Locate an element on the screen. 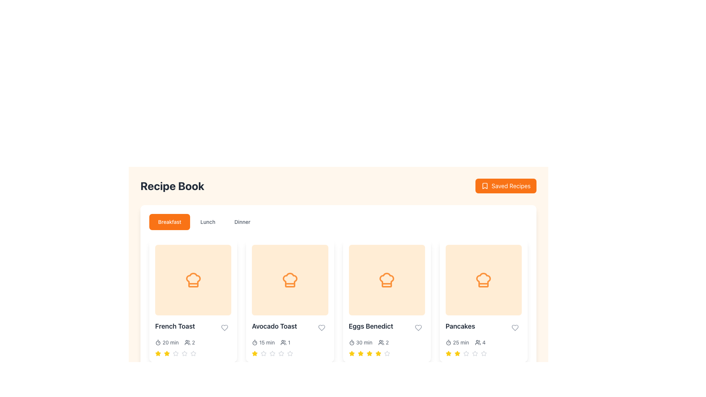  the 'Dinner' filter button is located at coordinates (242, 222).